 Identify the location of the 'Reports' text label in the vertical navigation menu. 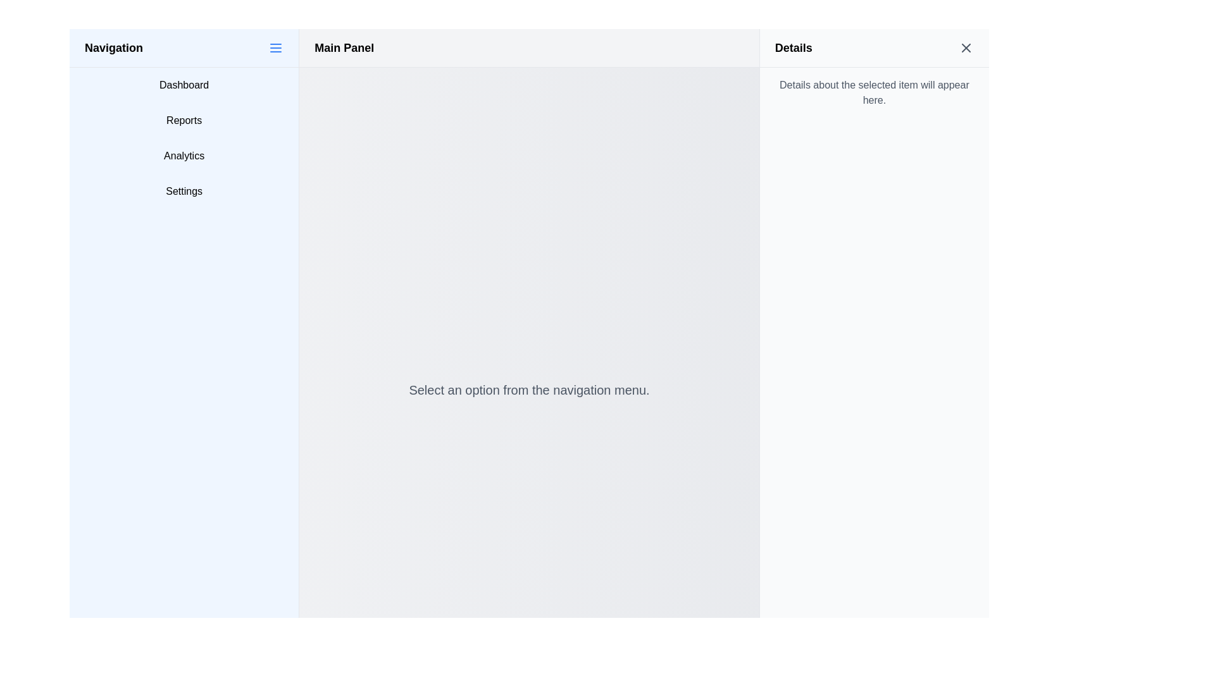
(184, 121).